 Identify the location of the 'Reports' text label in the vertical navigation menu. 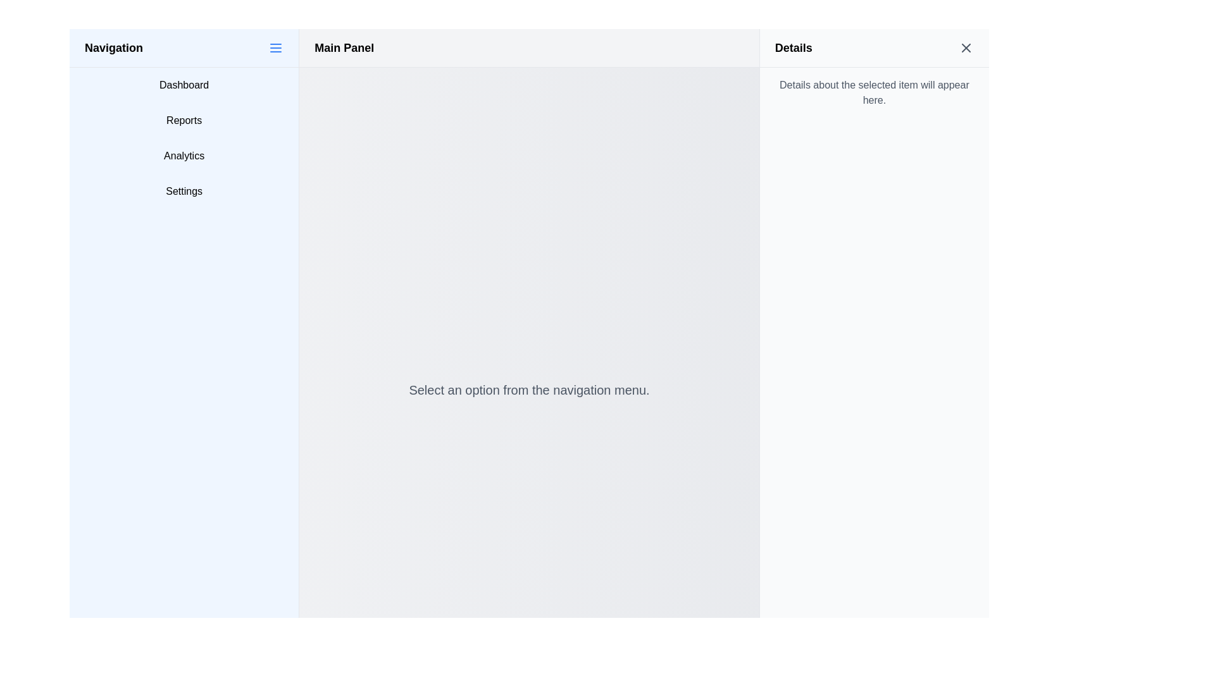
(184, 121).